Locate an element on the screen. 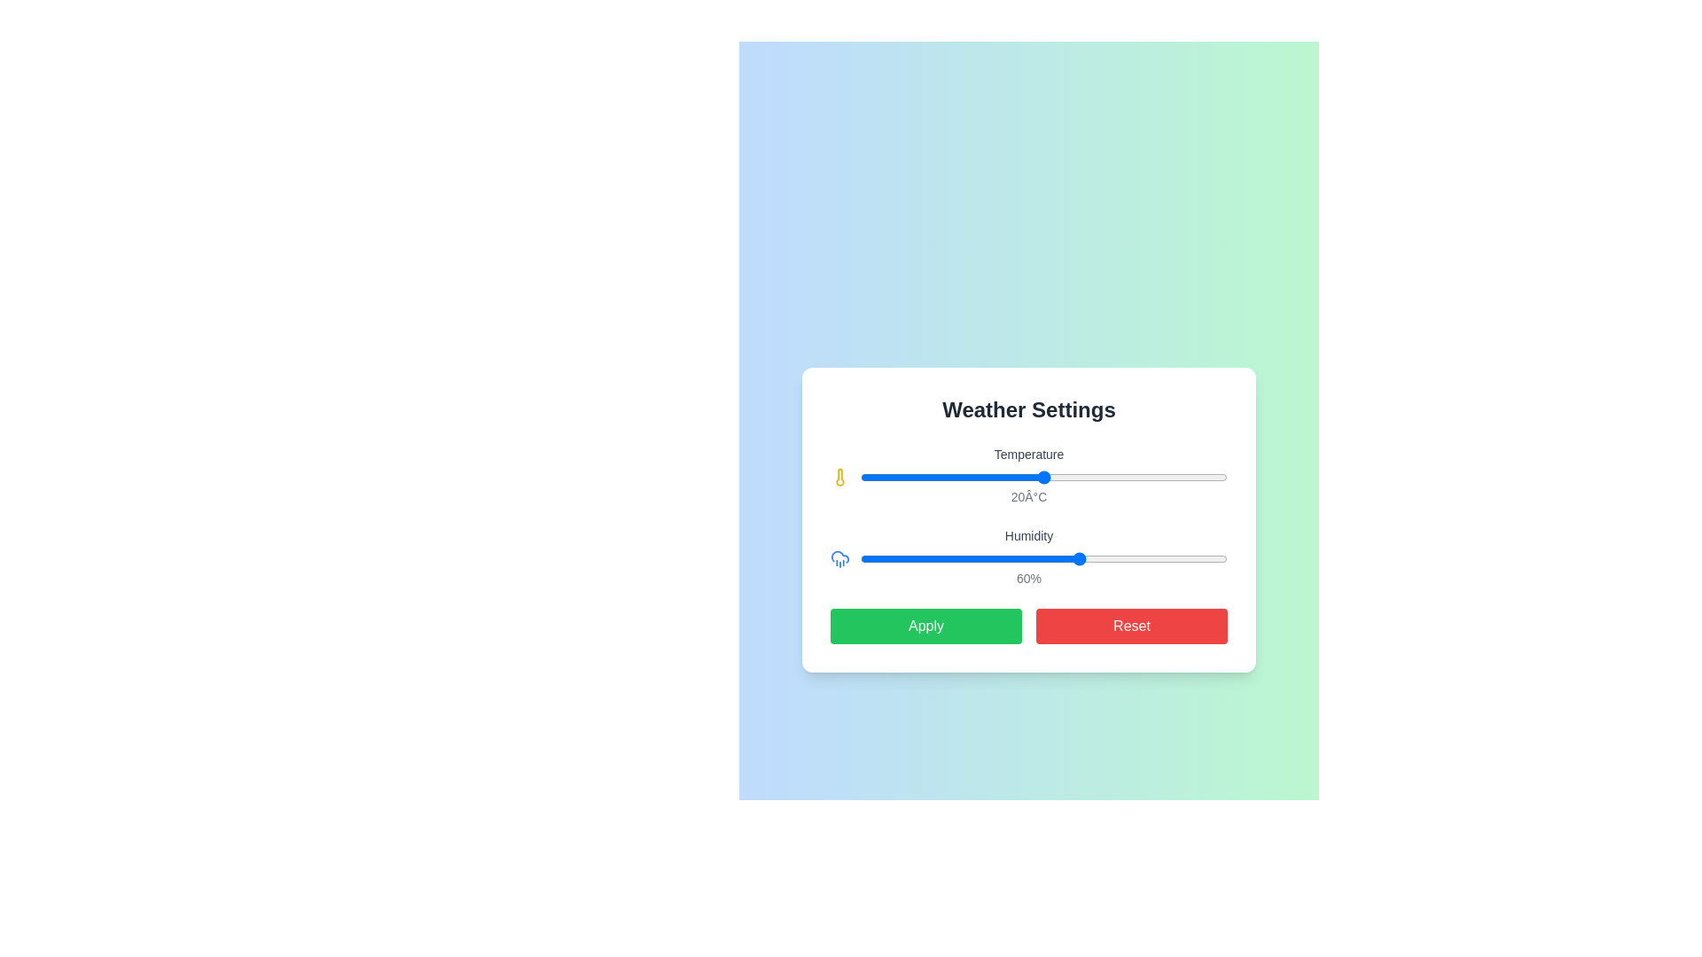 The height and width of the screenshot is (957, 1702). humidity is located at coordinates (1202, 559).